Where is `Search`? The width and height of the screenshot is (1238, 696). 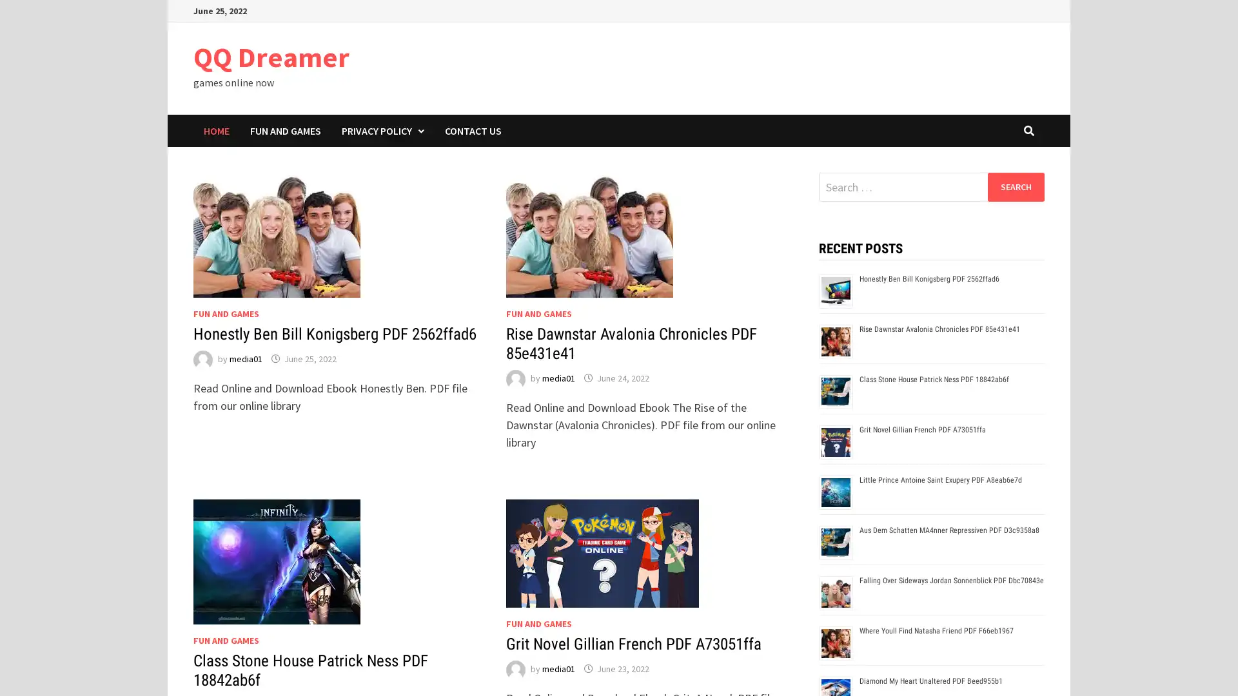
Search is located at coordinates (1015, 186).